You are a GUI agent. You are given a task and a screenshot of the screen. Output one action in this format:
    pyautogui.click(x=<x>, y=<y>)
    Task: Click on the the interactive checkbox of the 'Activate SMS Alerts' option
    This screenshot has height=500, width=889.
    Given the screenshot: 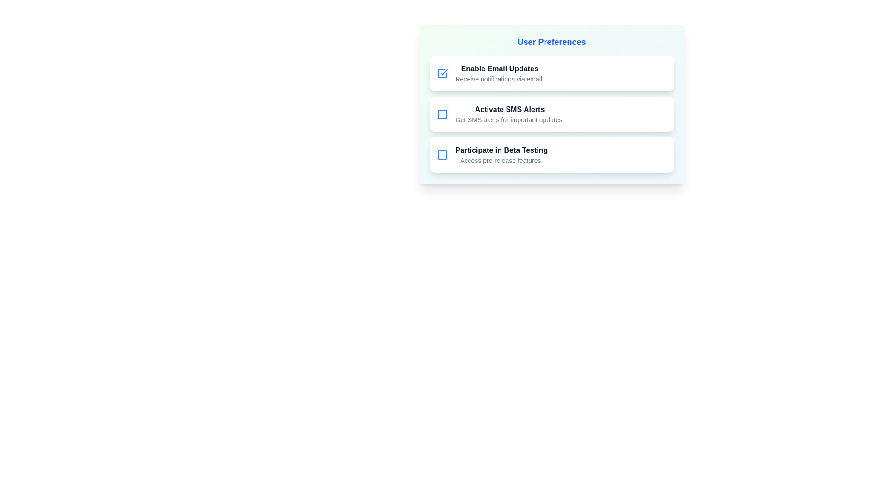 What is the action you would take?
    pyautogui.click(x=551, y=113)
    